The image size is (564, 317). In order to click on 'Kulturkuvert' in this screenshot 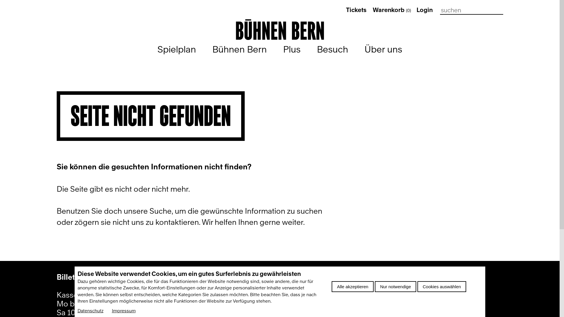, I will do `click(210, 311)`.